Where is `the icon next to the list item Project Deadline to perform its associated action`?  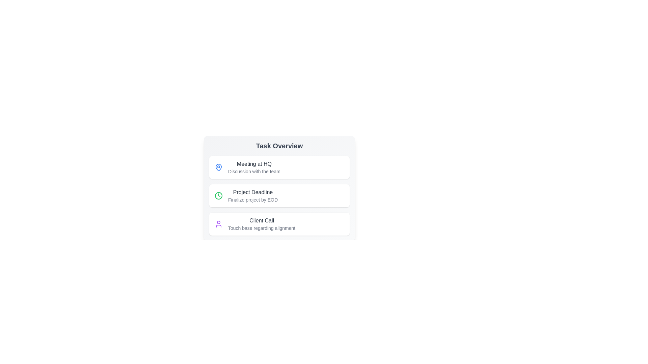 the icon next to the list item Project Deadline to perform its associated action is located at coordinates (219, 196).